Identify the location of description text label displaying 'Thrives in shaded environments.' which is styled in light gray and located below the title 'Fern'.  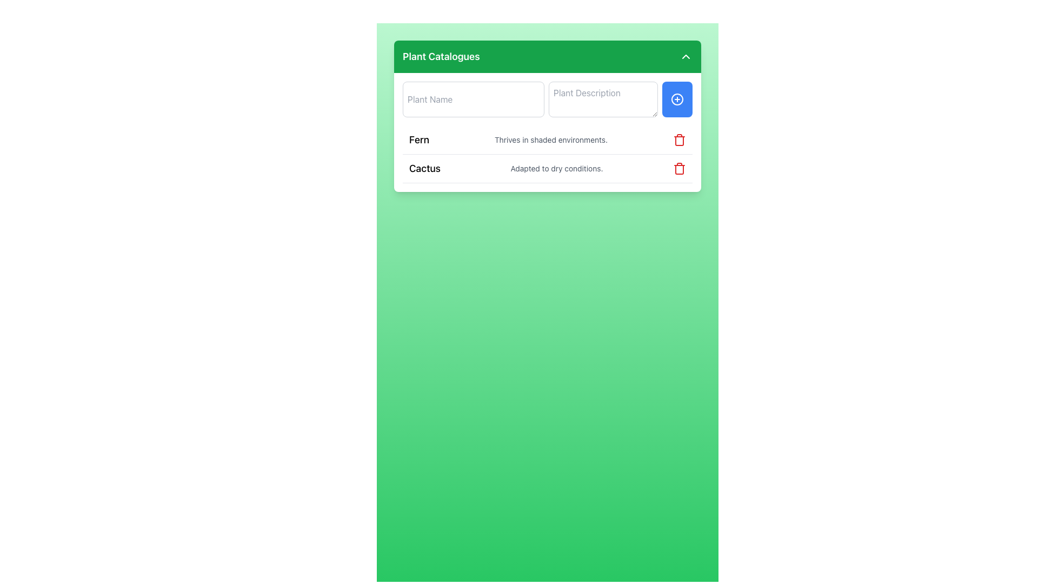
(551, 139).